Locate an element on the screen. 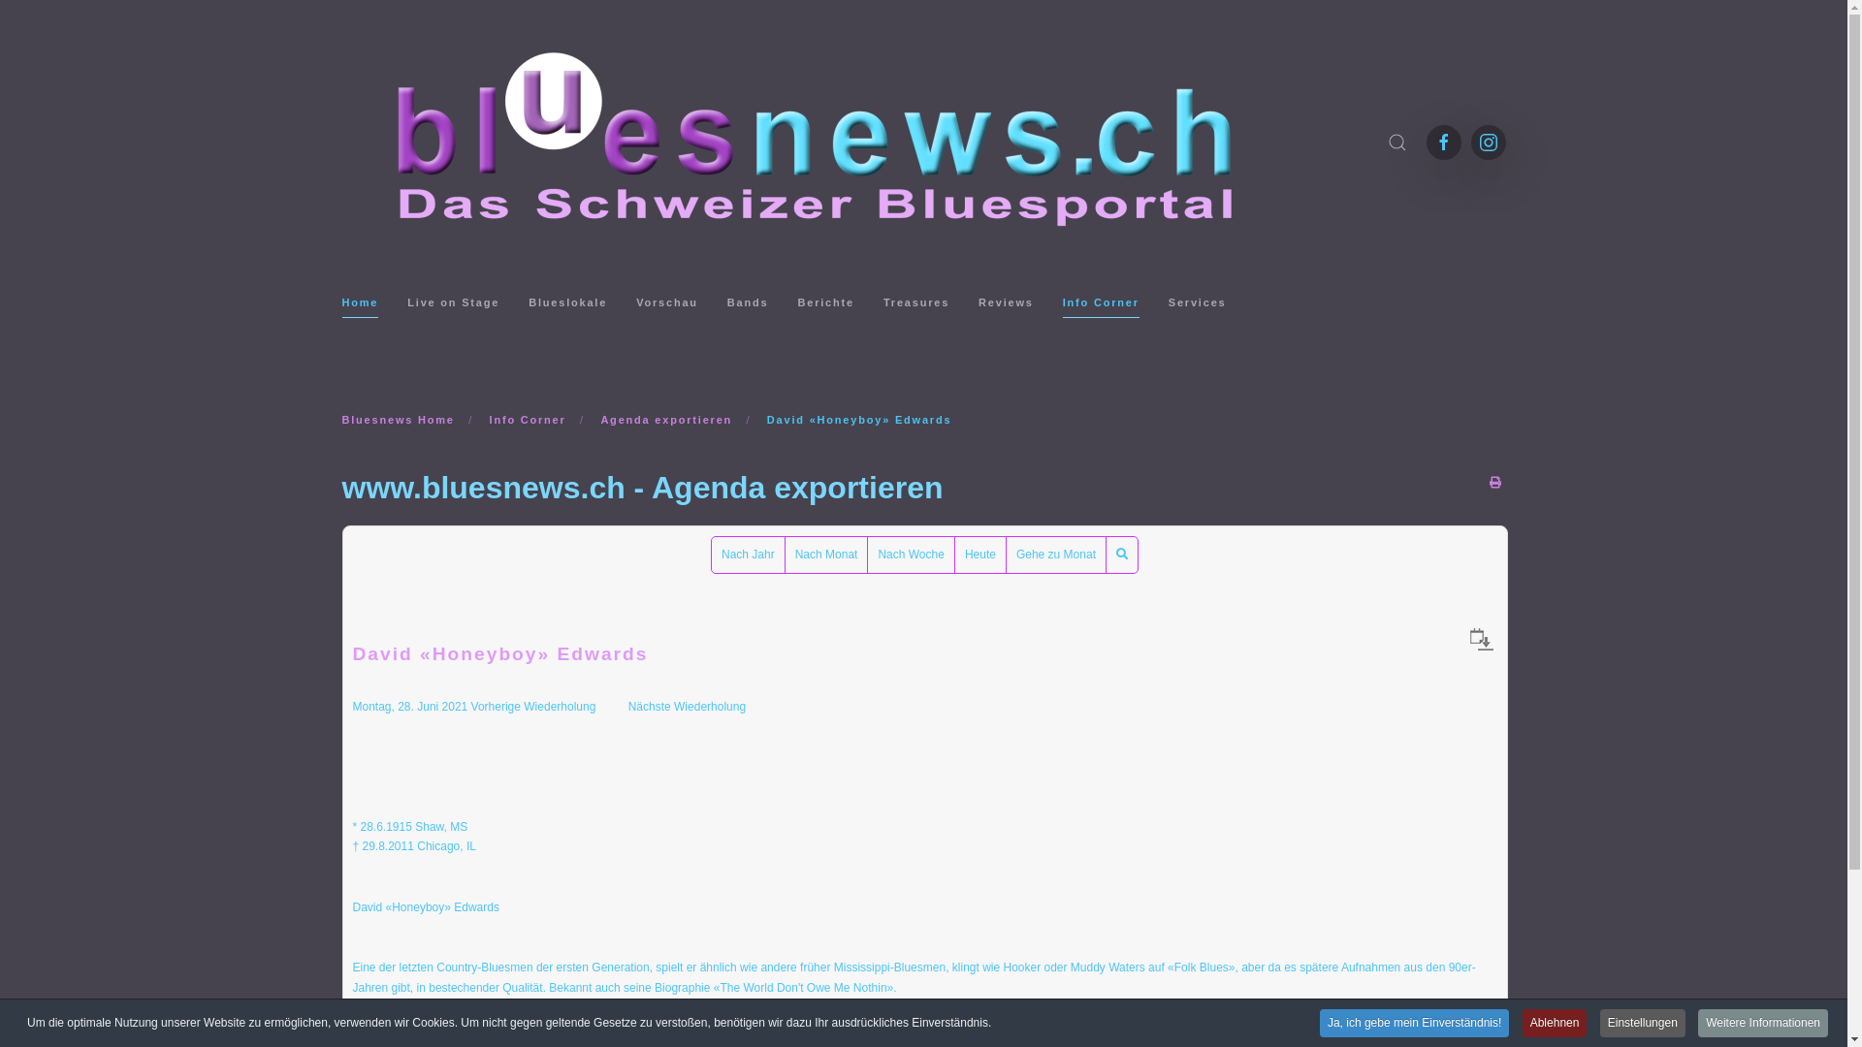  'Bands' is located at coordinates (747, 302).